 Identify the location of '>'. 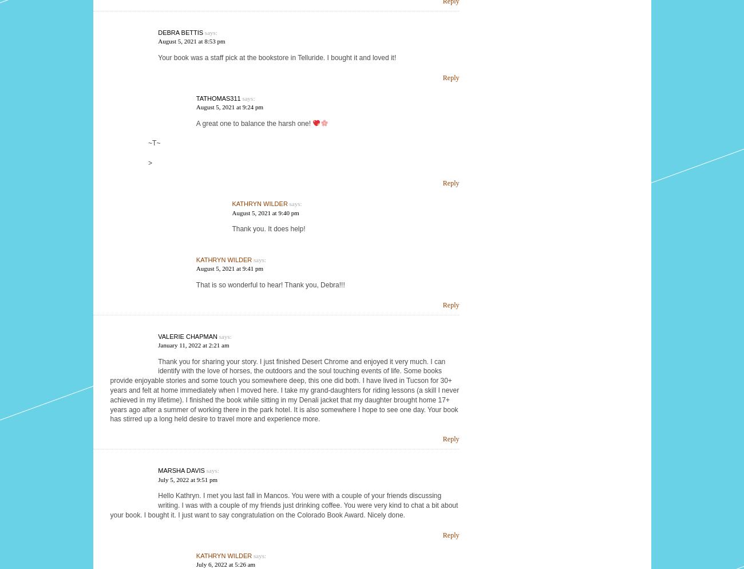
(149, 163).